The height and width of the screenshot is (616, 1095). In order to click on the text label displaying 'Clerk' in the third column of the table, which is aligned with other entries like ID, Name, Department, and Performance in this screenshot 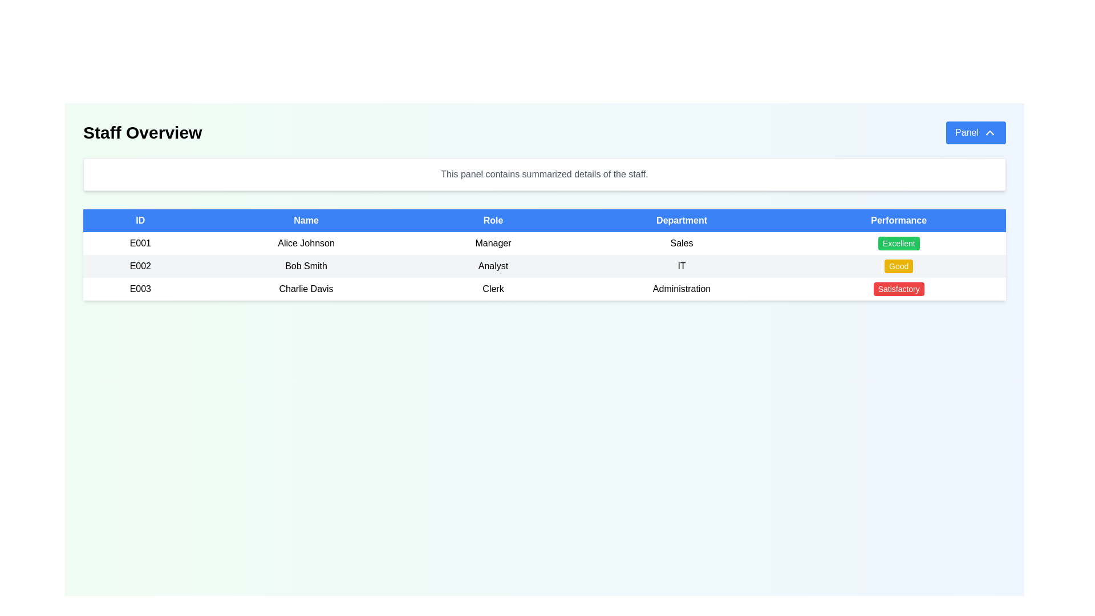, I will do `click(493, 288)`.